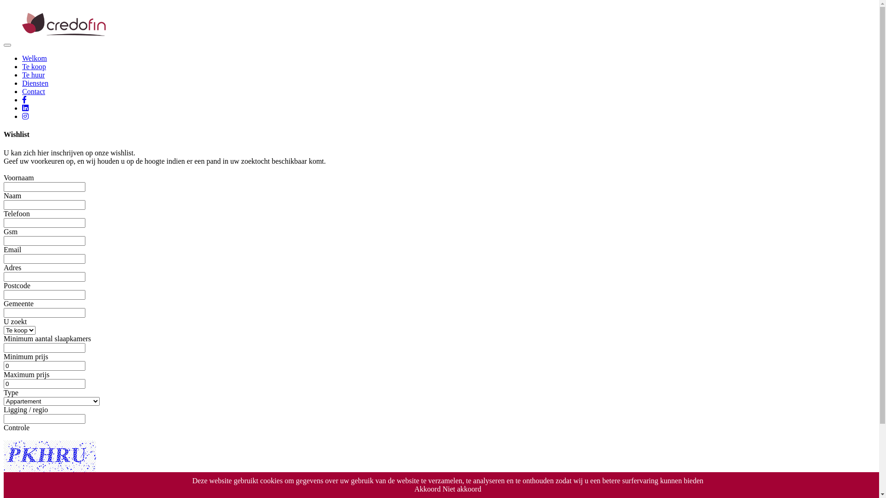 The image size is (886, 498). What do you see at coordinates (35, 58) in the screenshot?
I see `'Welkom'` at bounding box center [35, 58].